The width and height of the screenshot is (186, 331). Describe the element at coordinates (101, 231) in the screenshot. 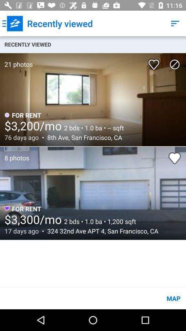

I see `icon below $3,300/mo item` at that location.